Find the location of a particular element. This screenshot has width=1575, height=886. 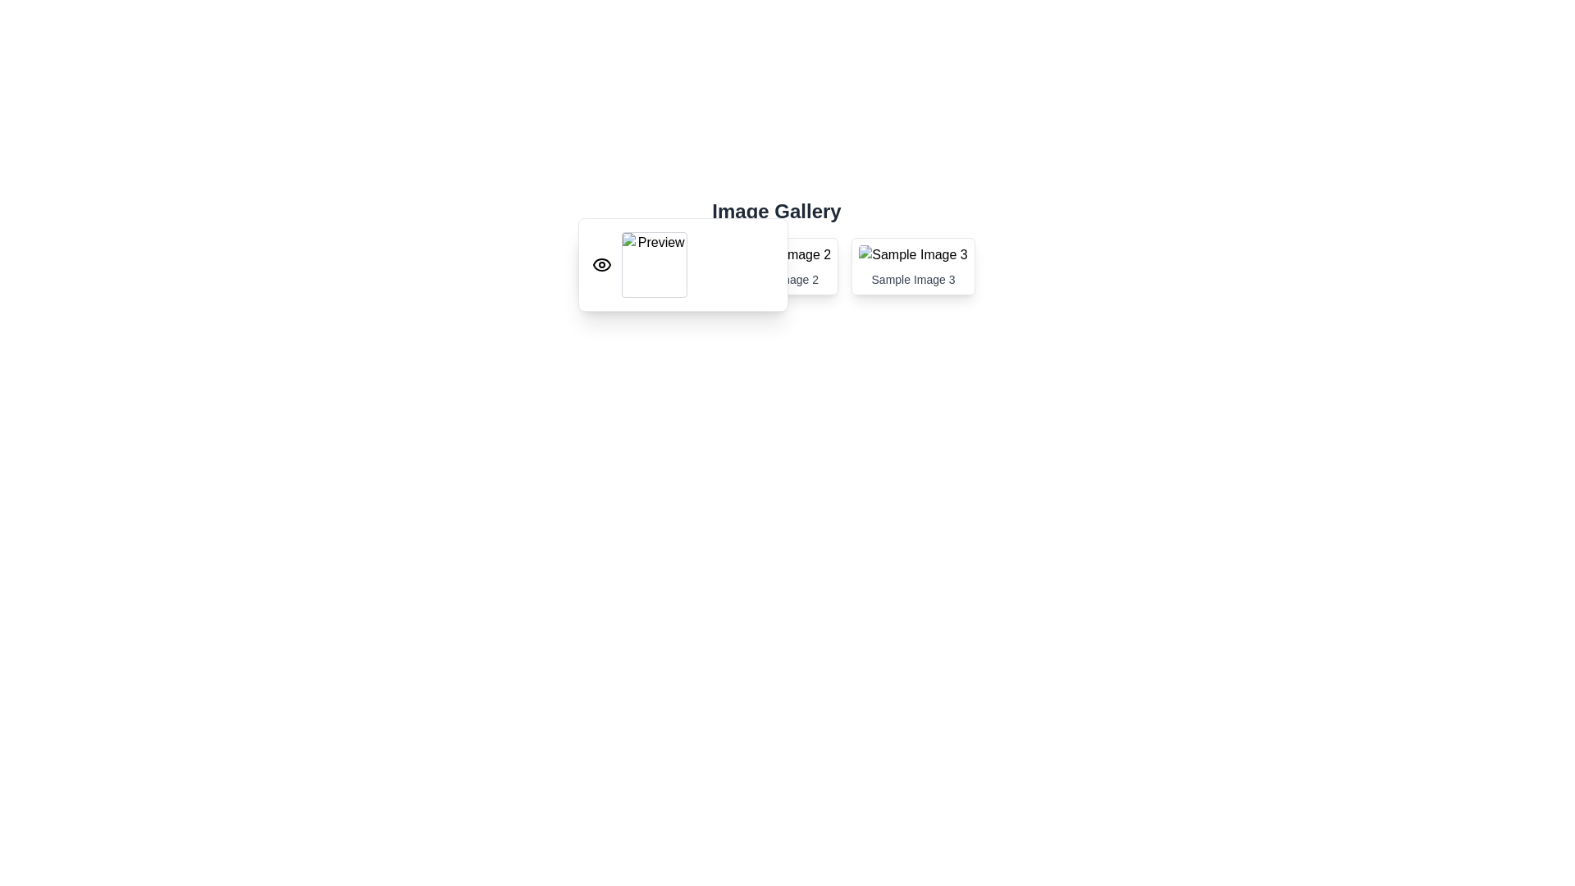

the eye graphical icon located in the top-left corner of the interface for interaction is located at coordinates (601, 264).